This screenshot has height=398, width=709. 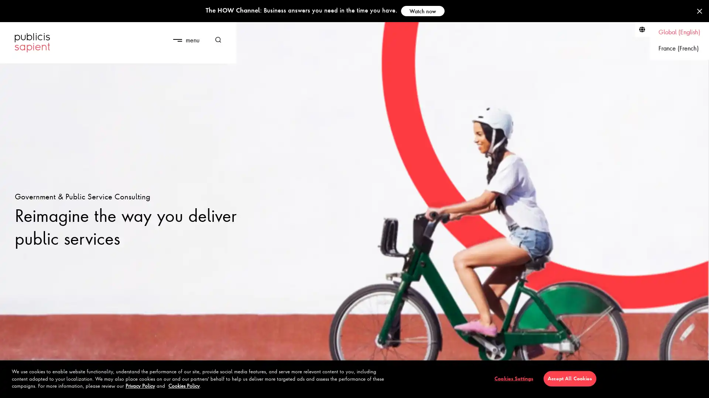 I want to click on Cookies Settings, so click(x=513, y=378).